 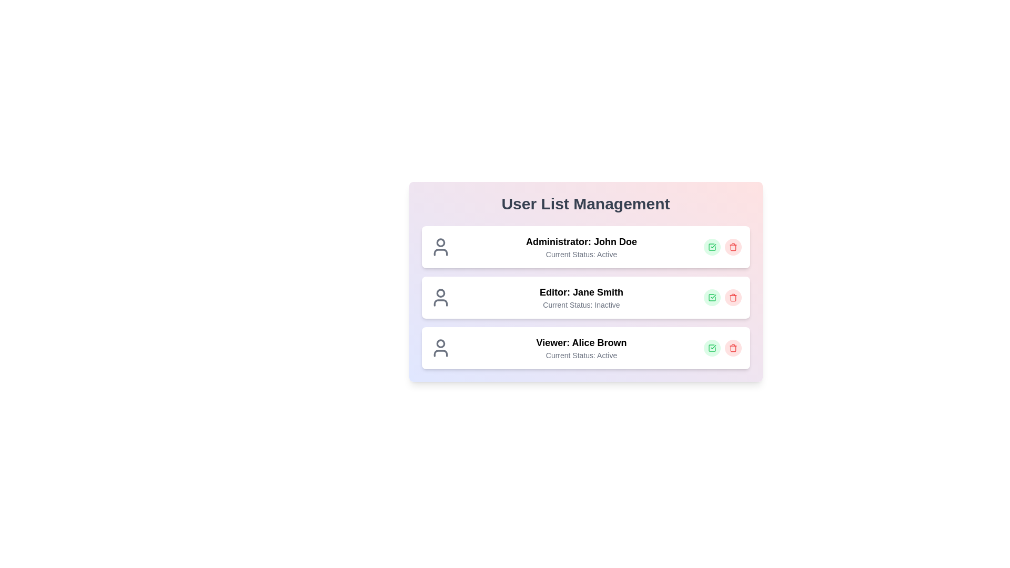 I want to click on the red trash can icon, which is the second icon in the delete and confirmation functions for 'Administrator: John Doe', to potentially see a tooltip, so click(x=732, y=247).